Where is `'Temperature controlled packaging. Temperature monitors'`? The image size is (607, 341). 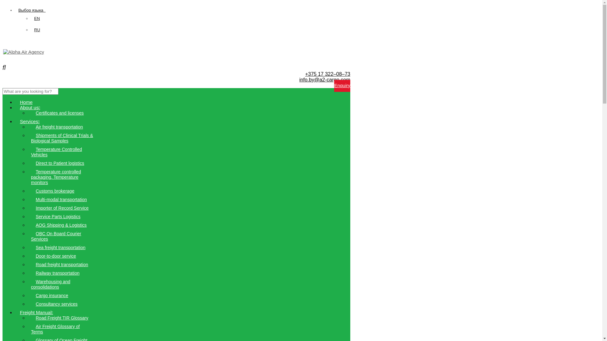 'Temperature controlled packaging. Temperature monitors' is located at coordinates (30, 177).